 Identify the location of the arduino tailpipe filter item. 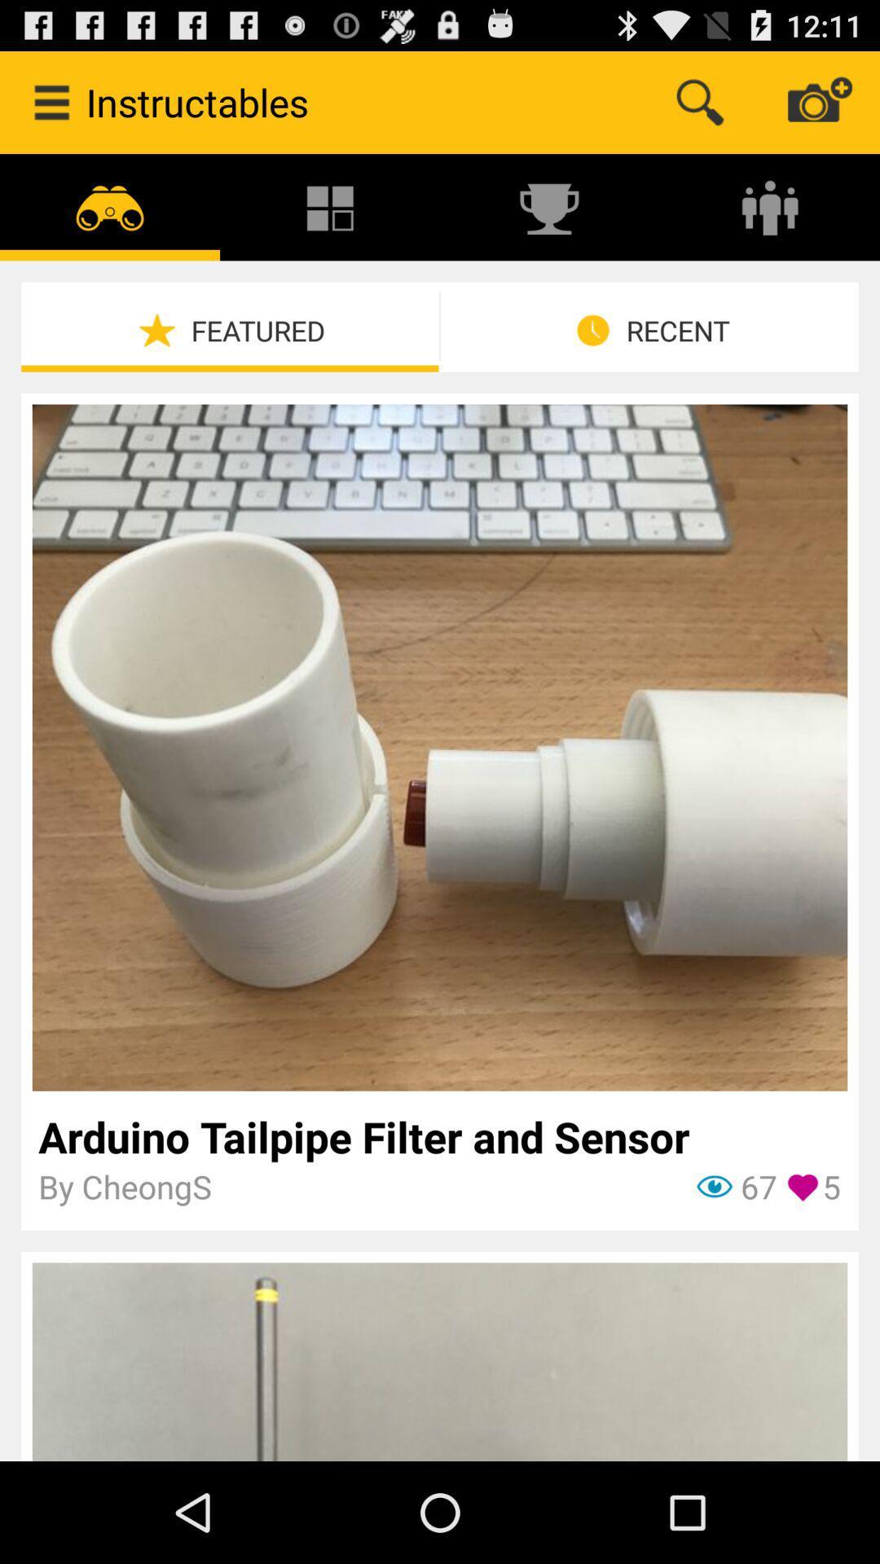
(438, 1136).